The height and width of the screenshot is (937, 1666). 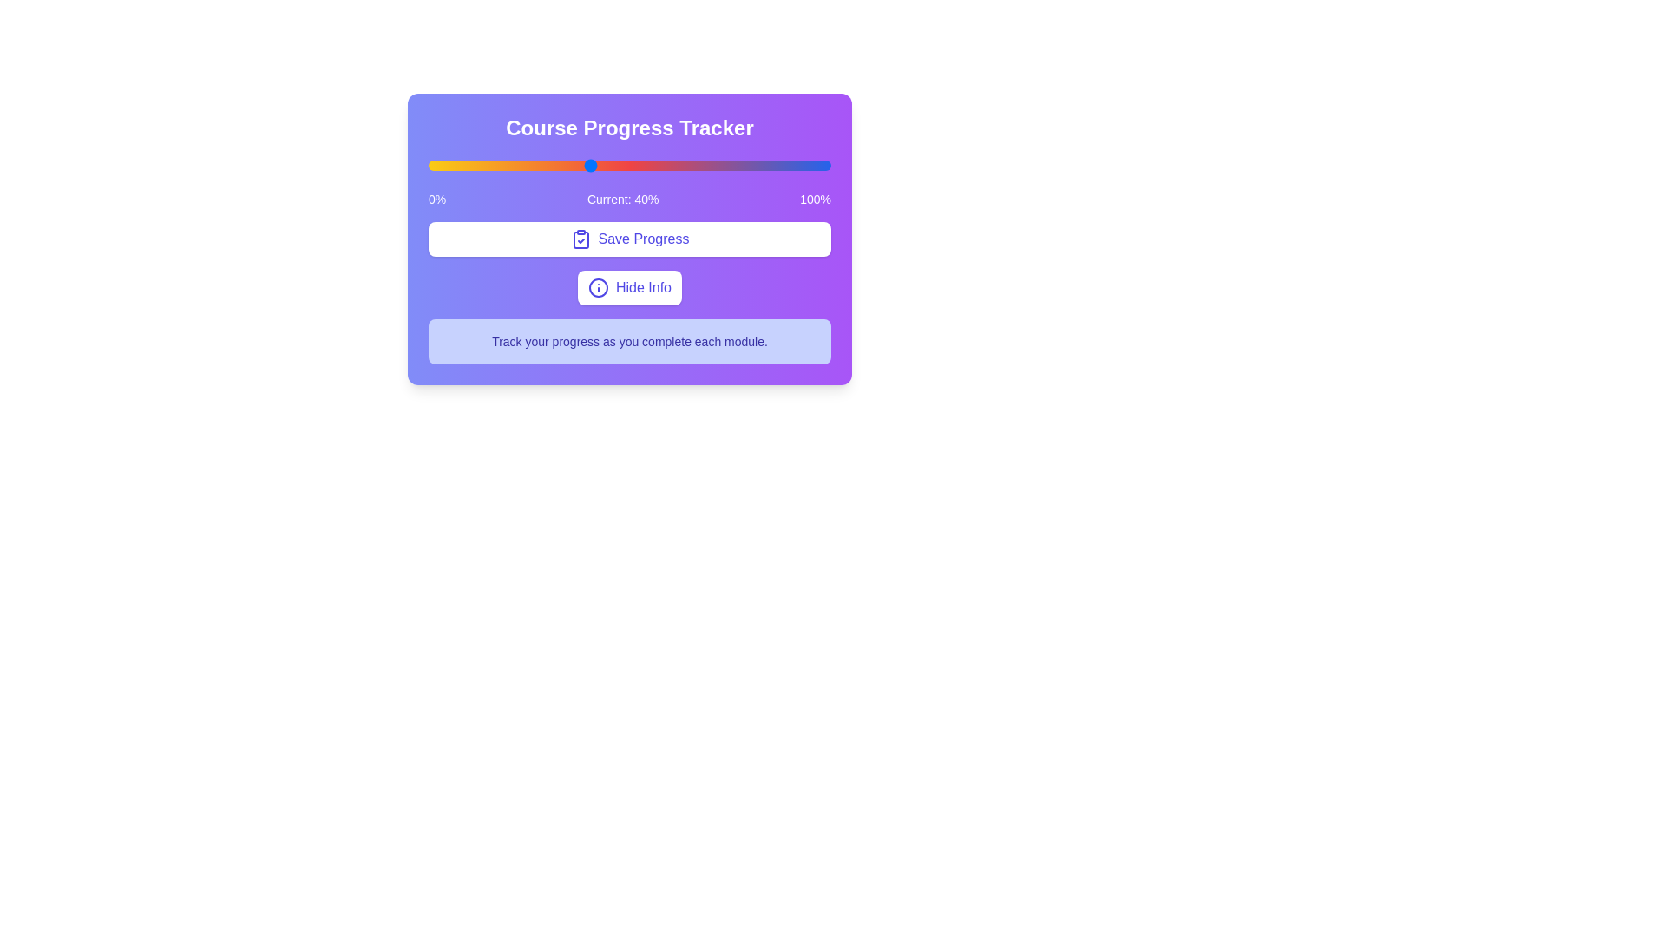 What do you see at coordinates (628, 341) in the screenshot?
I see `the Text Information Box that displays the message 'Track your progress as you complete each module.' which has a light indigo background and is located below the 'Hide Info' button in the Course Progress Tracker card` at bounding box center [628, 341].